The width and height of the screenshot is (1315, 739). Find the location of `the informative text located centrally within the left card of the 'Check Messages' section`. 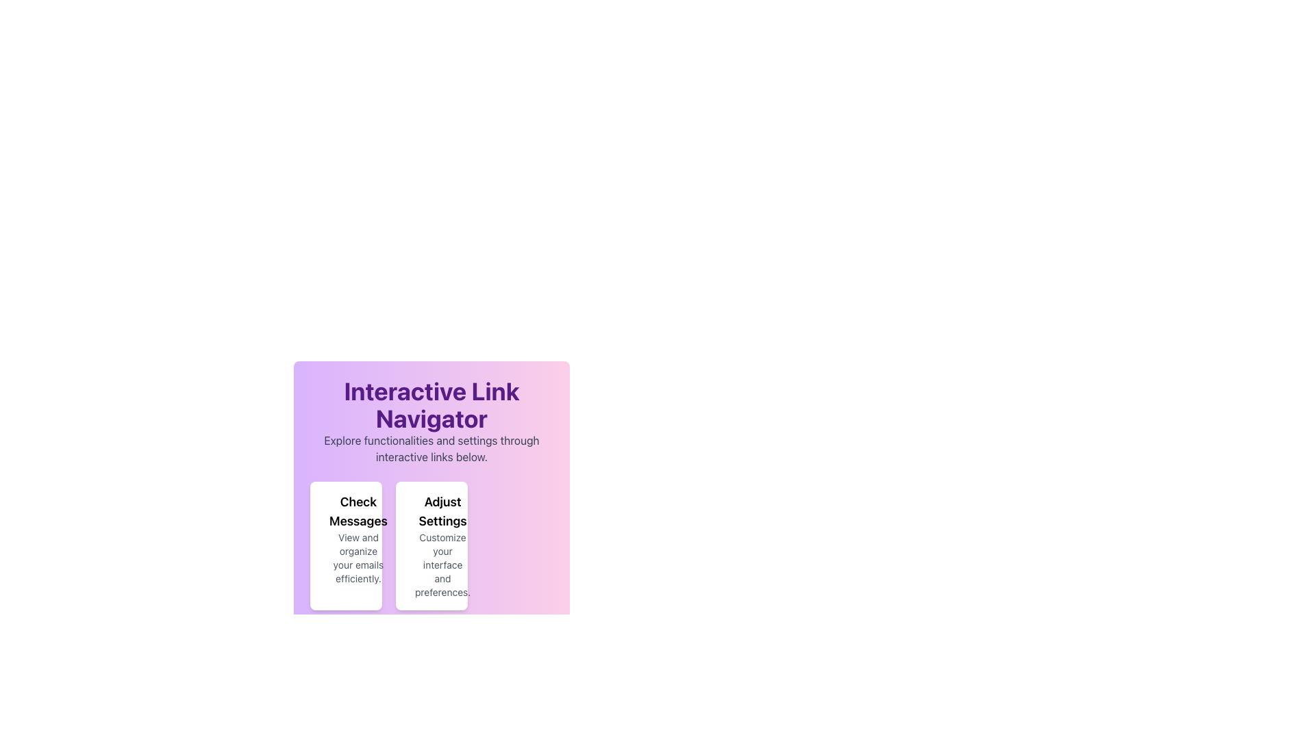

the informative text located centrally within the left card of the 'Check Messages' section is located at coordinates (346, 545).